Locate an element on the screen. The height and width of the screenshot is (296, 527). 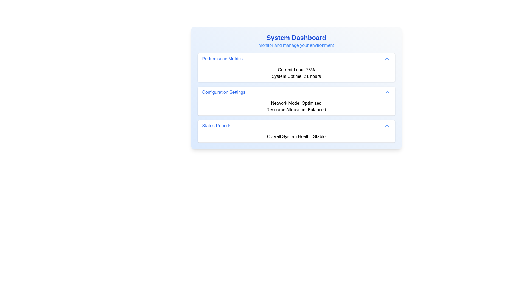
the Chevron Up icon located at the far right of the 'Status Reports' section header is located at coordinates (387, 126).